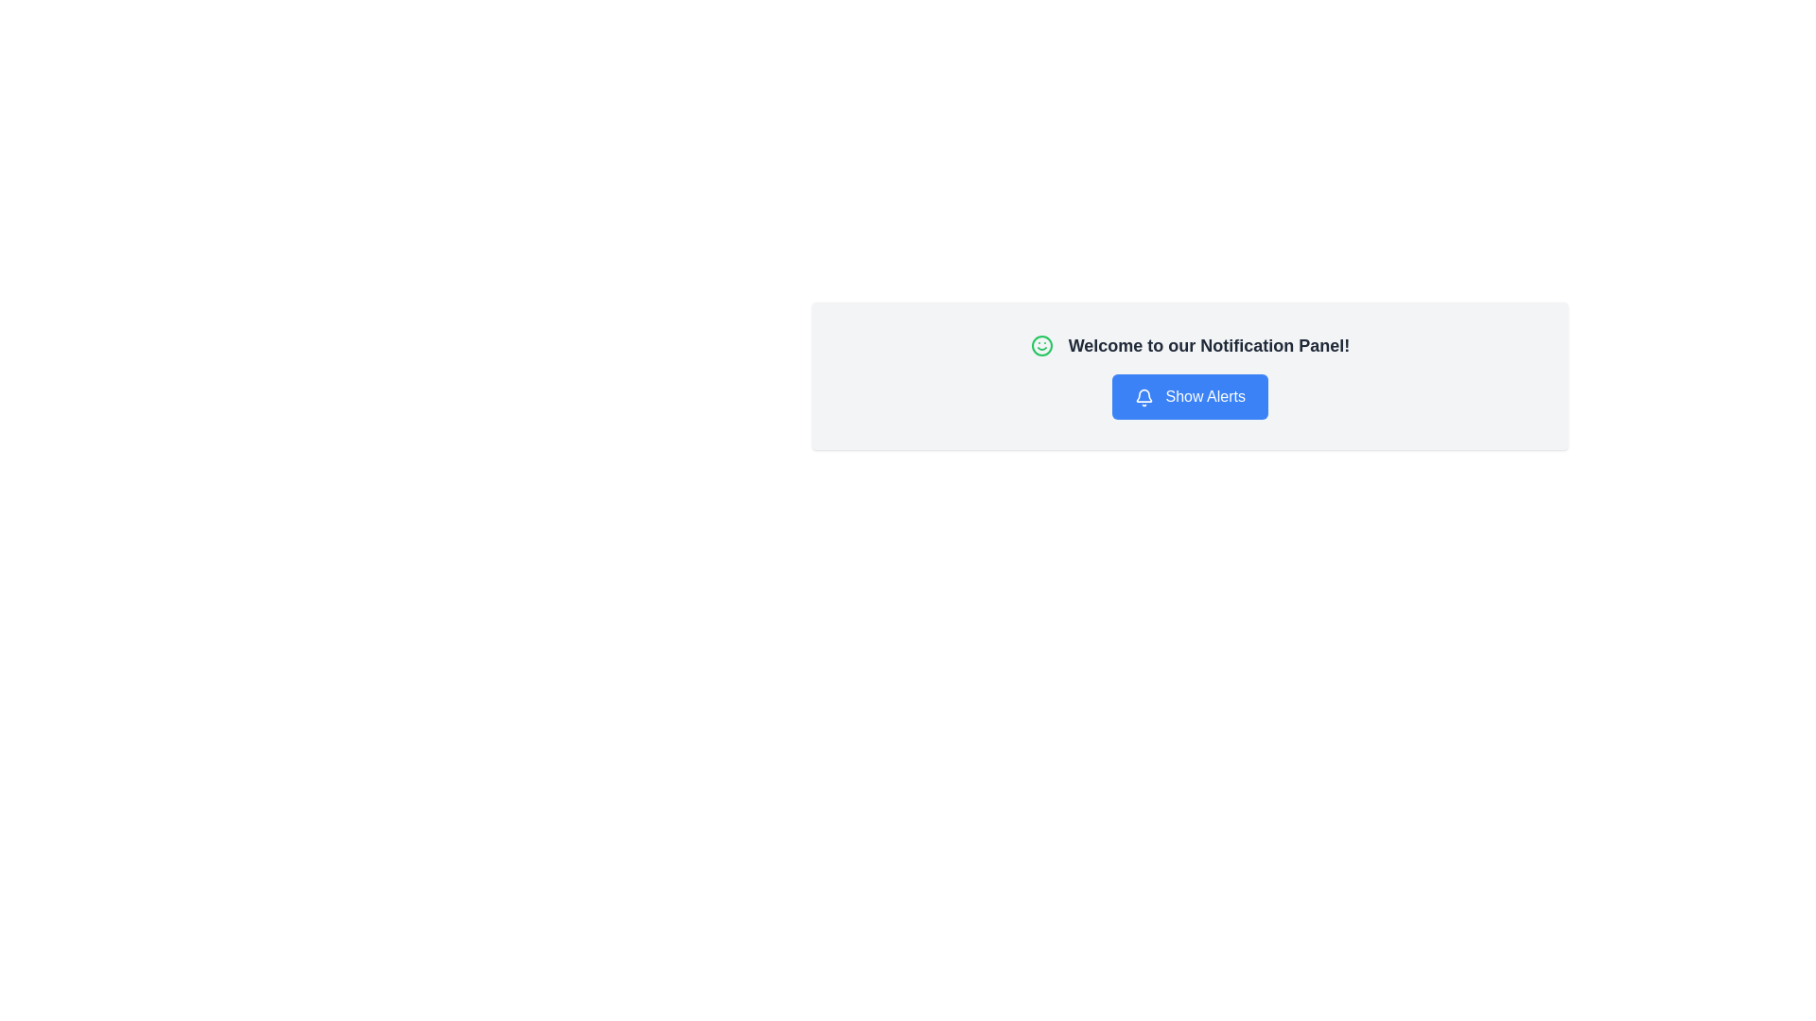 This screenshot has width=1816, height=1021. Describe the element at coordinates (1208, 346) in the screenshot. I see `the informational text that serves as the title or greeting for the notification panel, located to the right of the green smiling icon and above the blue button labeled 'Show Alerts'` at that location.